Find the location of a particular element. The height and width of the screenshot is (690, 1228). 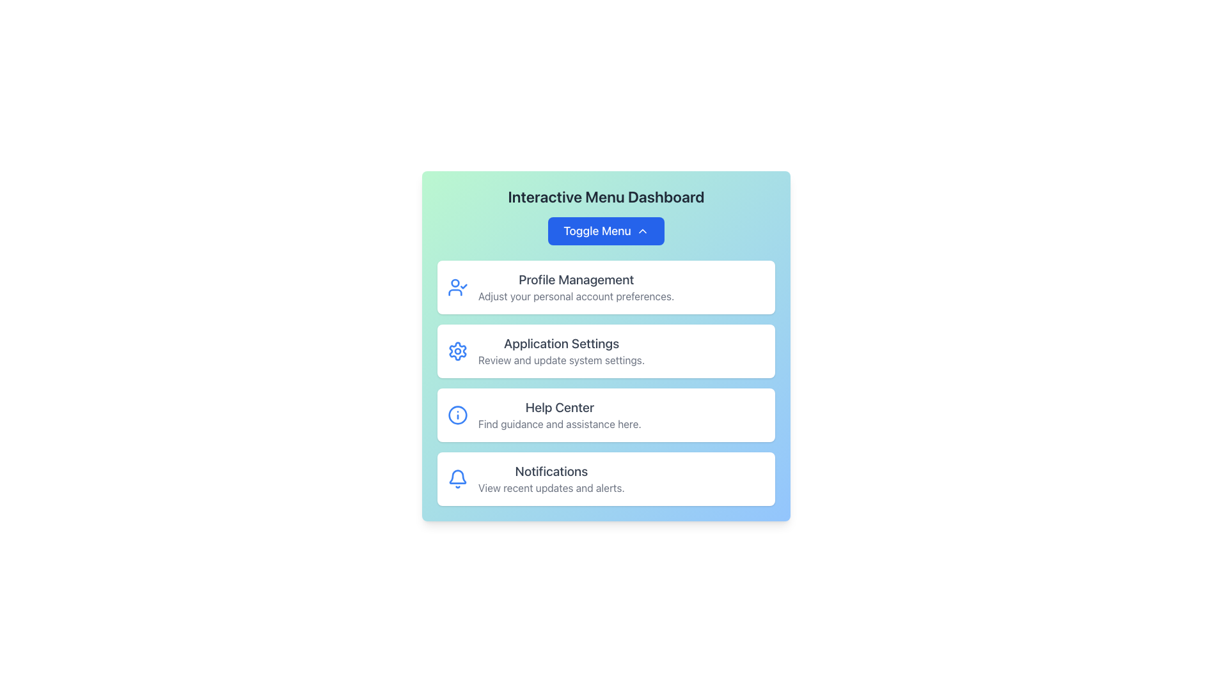

the informative text label that reads 'Find guidance and assistance here.' located in the 'Help Center' section, positioned below the heading 'Help Center.' is located at coordinates (560, 424).